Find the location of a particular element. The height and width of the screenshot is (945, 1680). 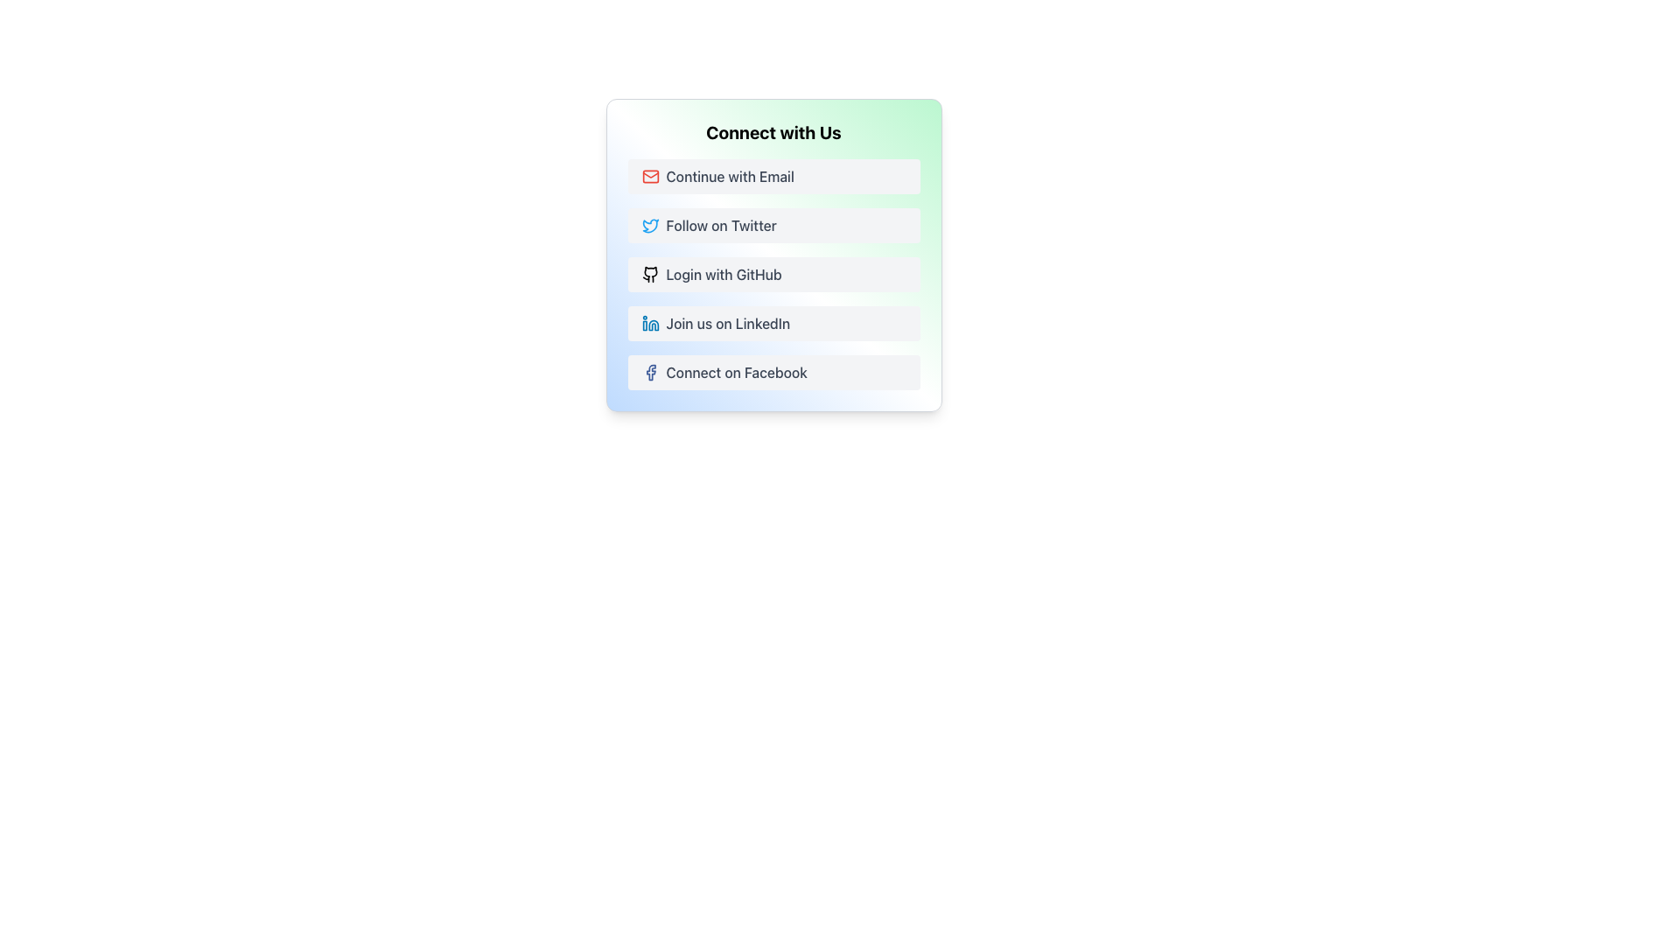

the blue bird icon representing the 'Follow on Twitter' option located in the 'Connect with Us' section, which is the second interaction option in the vertical list is located at coordinates (649, 225).